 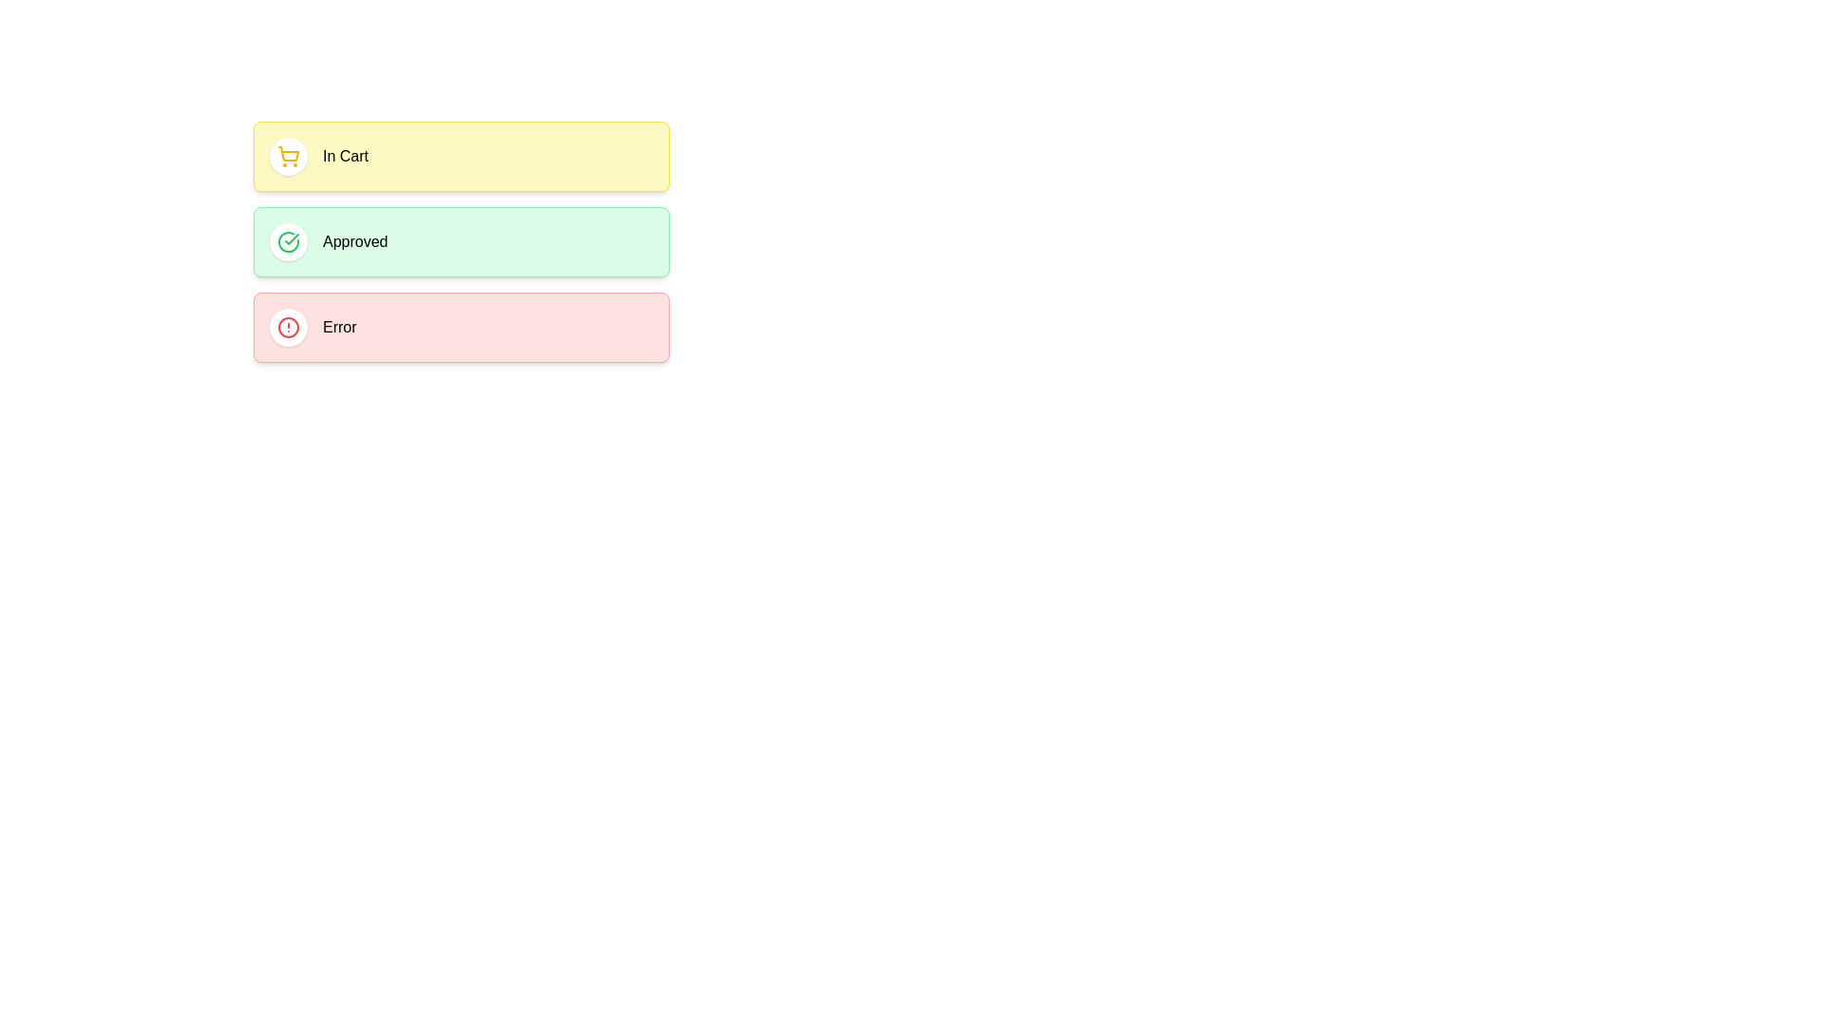 I want to click on the error icon located to the left of the 'Error' label in the last row of the vertical stack of labeled items, so click(x=287, y=326).